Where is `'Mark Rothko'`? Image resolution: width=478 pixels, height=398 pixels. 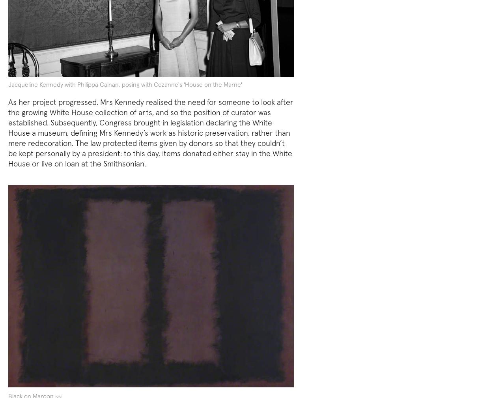
'Mark Rothko' is located at coordinates (166, 184).